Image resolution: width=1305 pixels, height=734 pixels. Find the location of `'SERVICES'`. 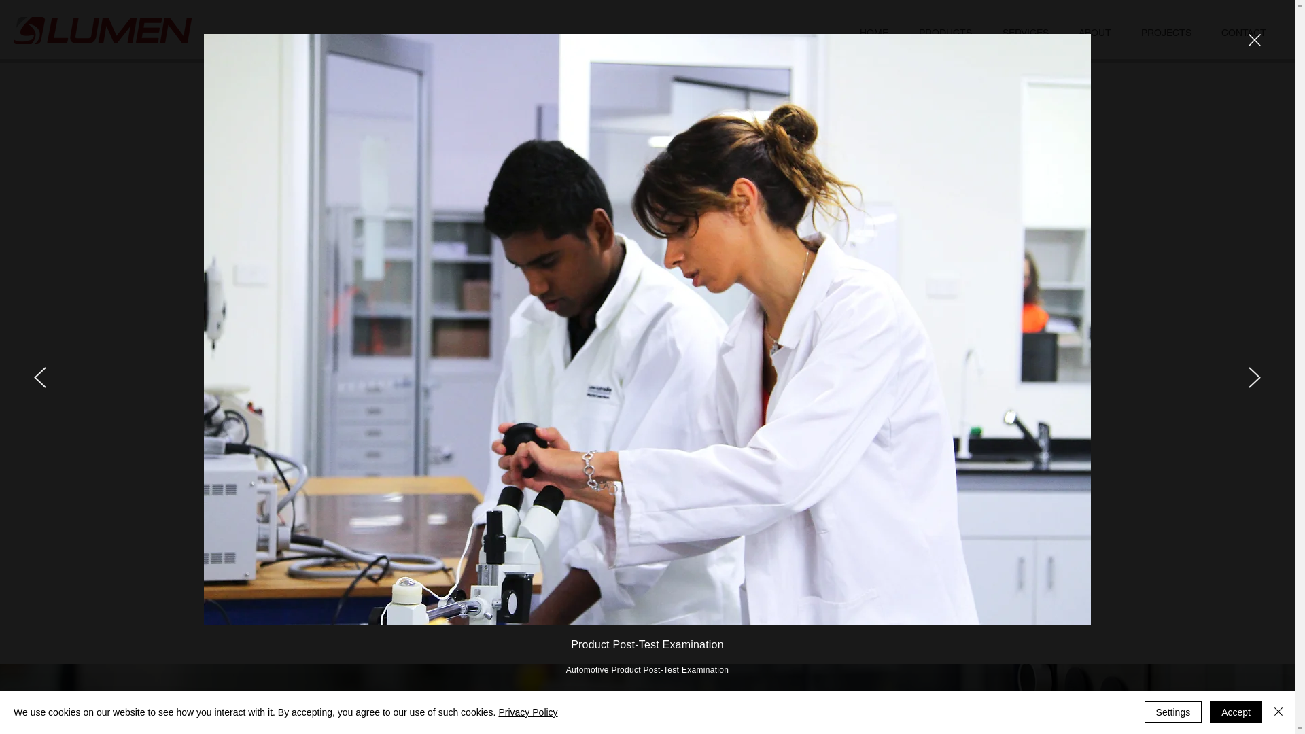

'SERVICES' is located at coordinates (1025, 32).